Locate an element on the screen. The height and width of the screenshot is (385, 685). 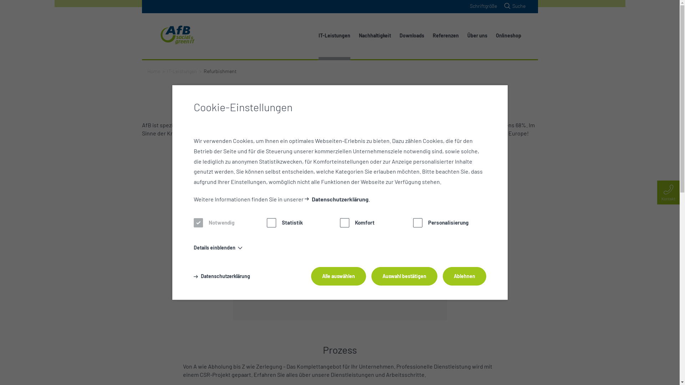
'Ablehnen' is located at coordinates (442, 276).